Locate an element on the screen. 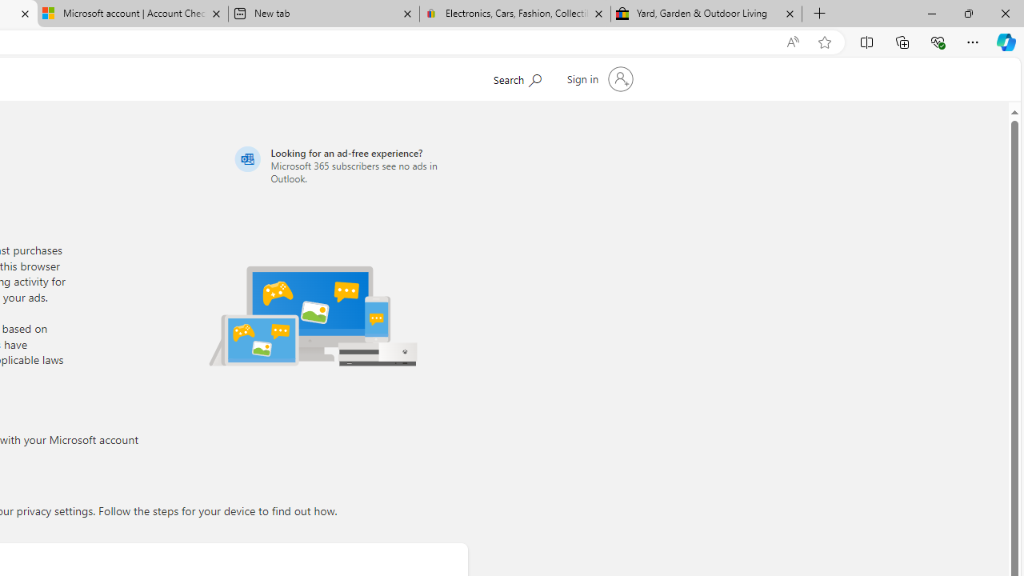 The width and height of the screenshot is (1024, 576). 'Looking for an ad-free experience?' is located at coordinates (348, 165).